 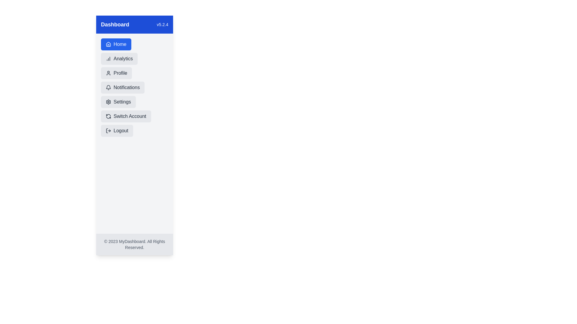 I want to click on the 'Settings' text label in the vertical navigation menu, which is styled in gray on a light gray background and is positioned between 'Notifications' and 'Switch Account', so click(x=122, y=101).